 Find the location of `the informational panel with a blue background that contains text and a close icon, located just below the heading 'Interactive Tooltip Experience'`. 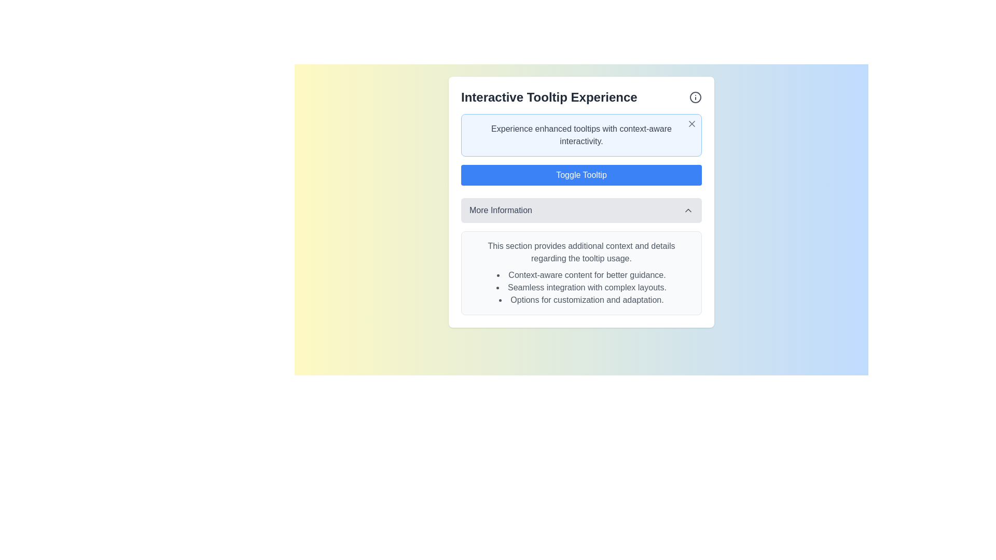

the informational panel with a blue background that contains text and a close icon, located just below the heading 'Interactive Tooltip Experience' is located at coordinates (582, 135).